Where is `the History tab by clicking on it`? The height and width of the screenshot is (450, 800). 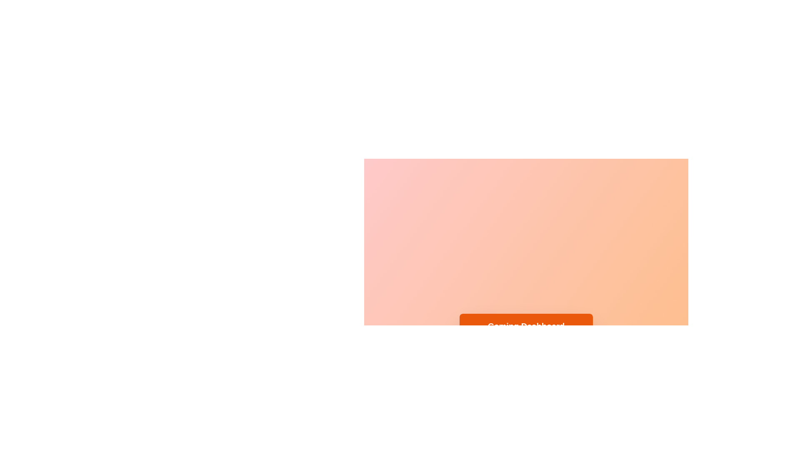
the History tab by clicking on it is located at coordinates (574, 353).